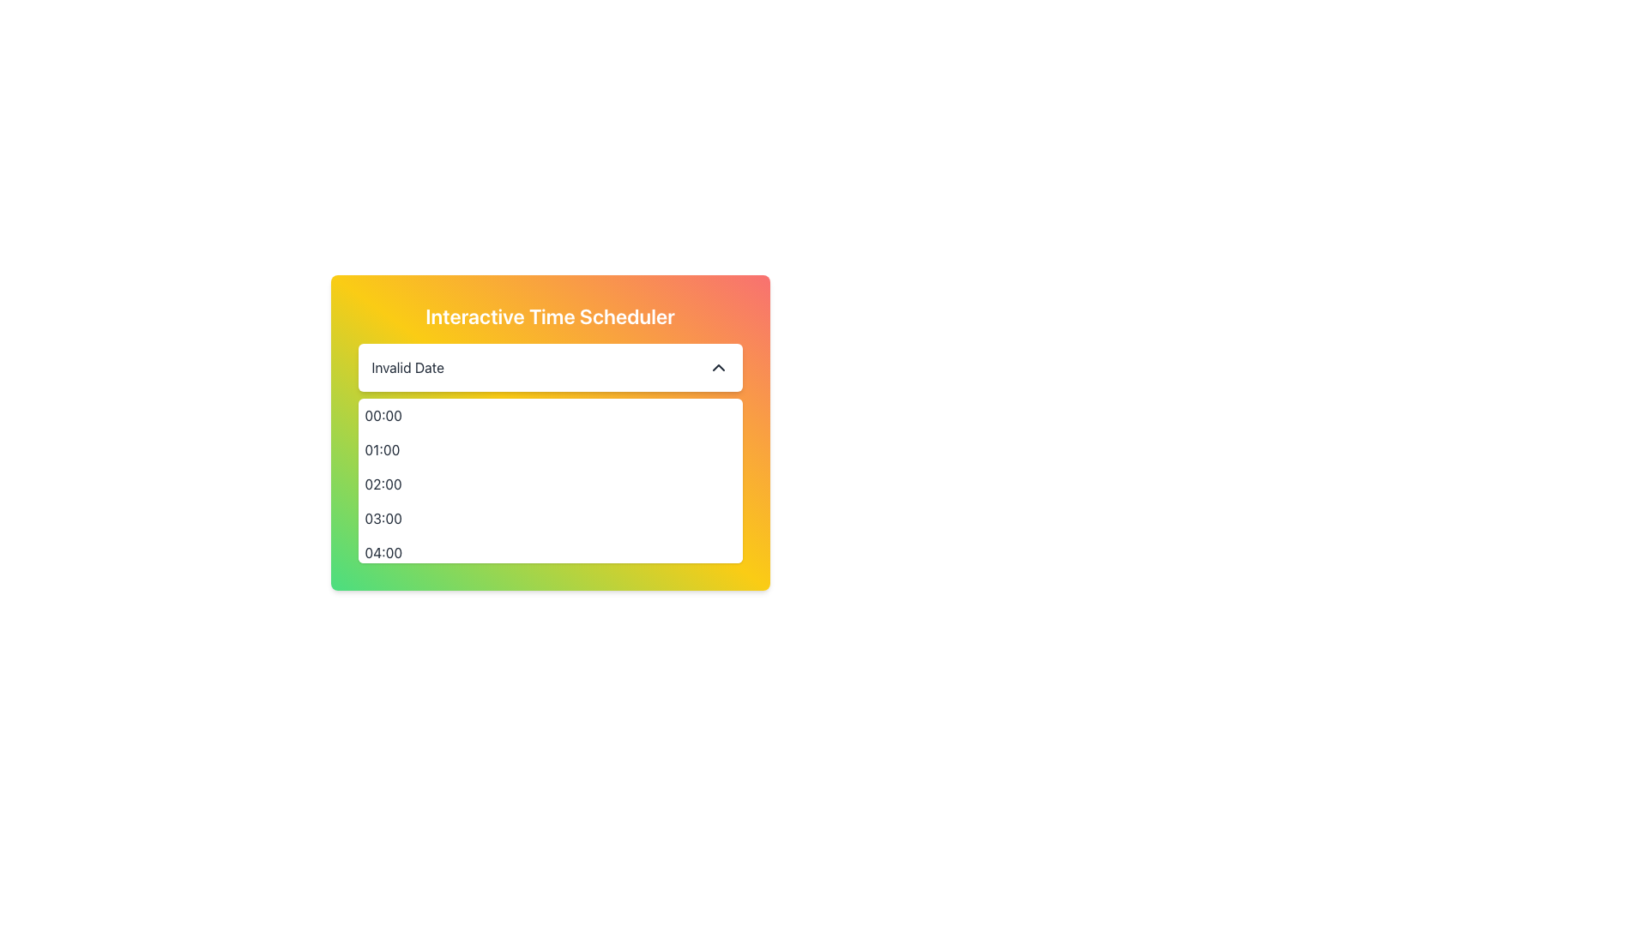  What do you see at coordinates (550, 432) in the screenshot?
I see `a timeslot option in the 'Interactive Time Scheduler' panel, which displays selectable time slots such as '00:00', '01:00', etc` at bounding box center [550, 432].